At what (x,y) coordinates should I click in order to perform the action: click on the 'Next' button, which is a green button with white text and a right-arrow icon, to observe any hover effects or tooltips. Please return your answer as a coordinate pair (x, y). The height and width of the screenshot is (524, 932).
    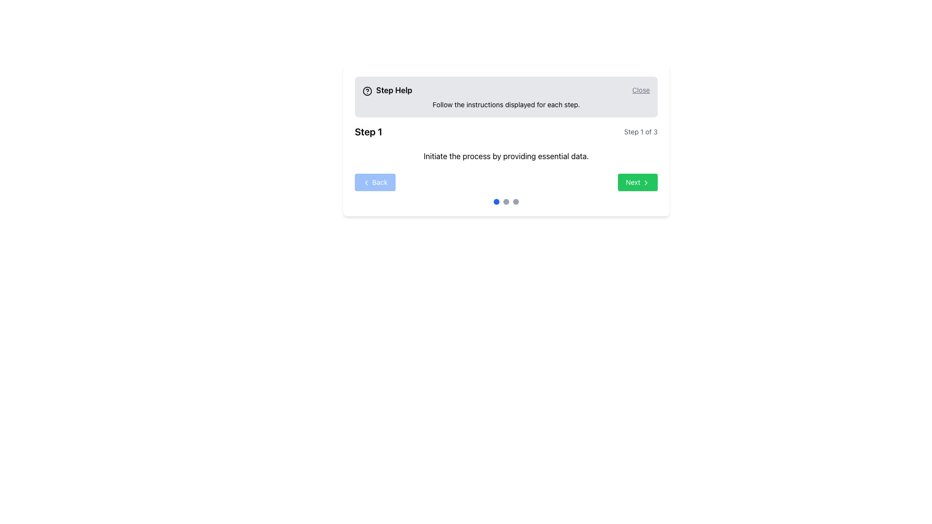
    Looking at the image, I should click on (638, 182).